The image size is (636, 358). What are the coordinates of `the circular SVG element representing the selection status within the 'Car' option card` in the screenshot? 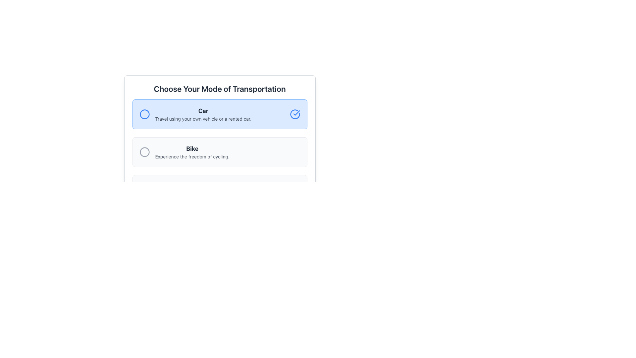 It's located at (144, 114).